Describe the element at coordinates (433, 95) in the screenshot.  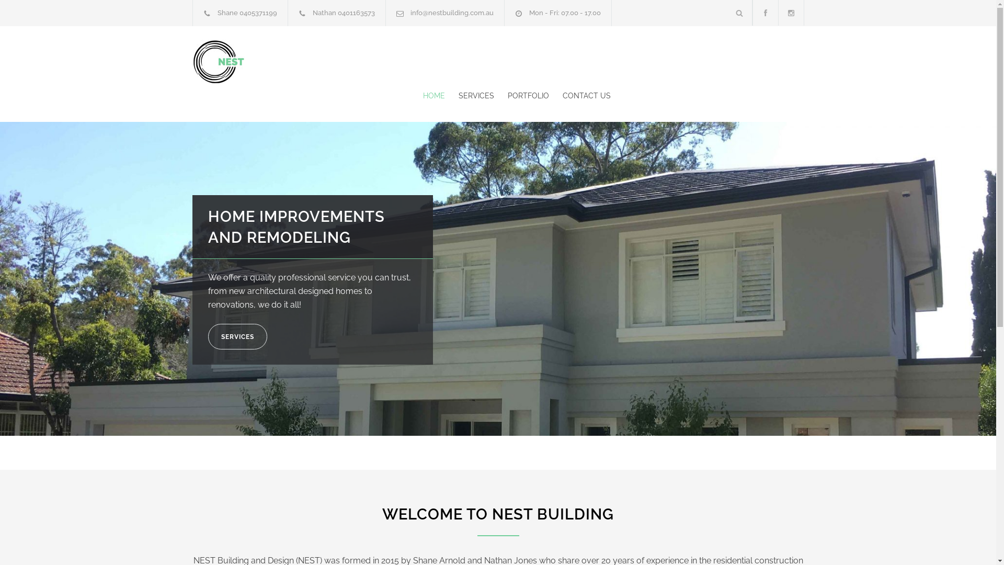
I see `'HOME'` at that location.